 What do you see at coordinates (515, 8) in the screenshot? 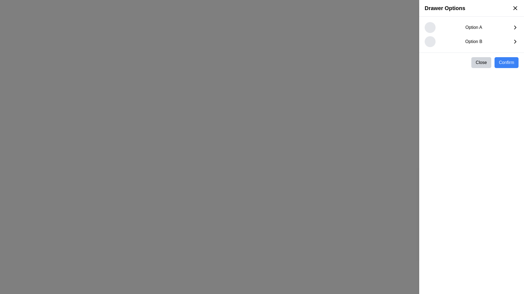
I see `the cross-shaped button at the top-right corner of the Drawer Options header` at bounding box center [515, 8].